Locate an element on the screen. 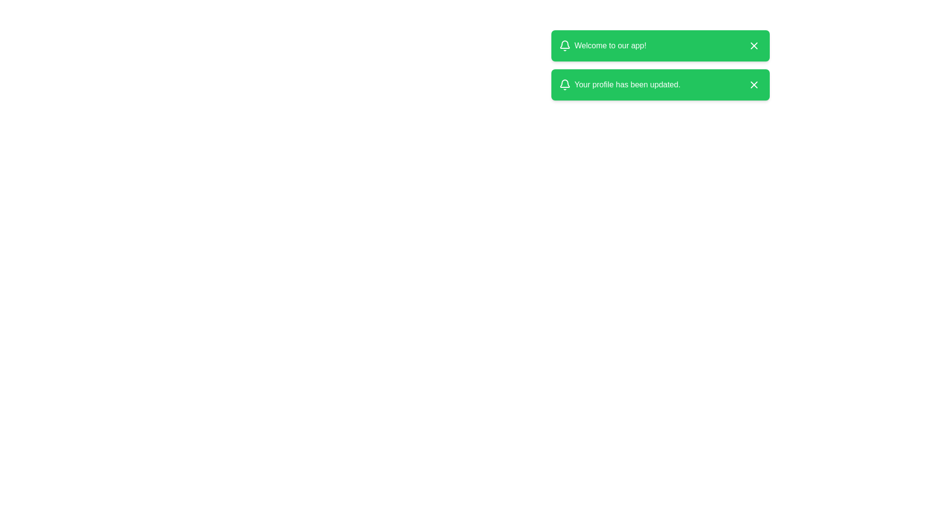  the text element displaying 'Your profile has been updated.' which is located in the second notification panel is located at coordinates (627, 84).